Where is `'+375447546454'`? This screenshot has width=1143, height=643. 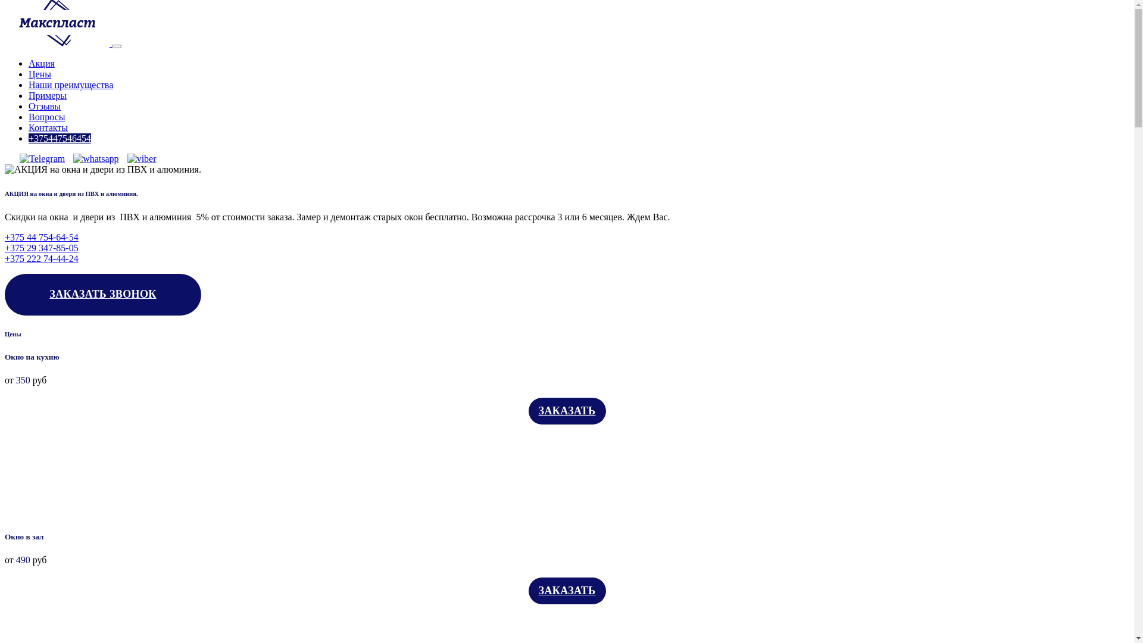 '+375447546454' is located at coordinates (59, 138).